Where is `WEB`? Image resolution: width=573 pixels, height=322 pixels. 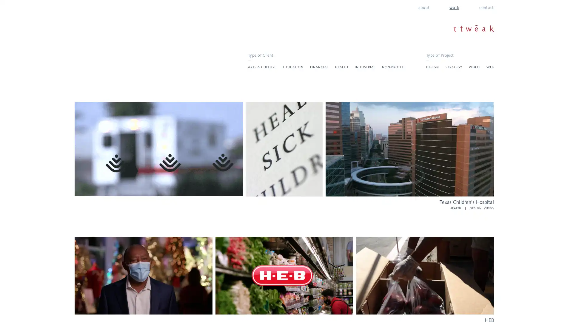
WEB is located at coordinates (490, 67).